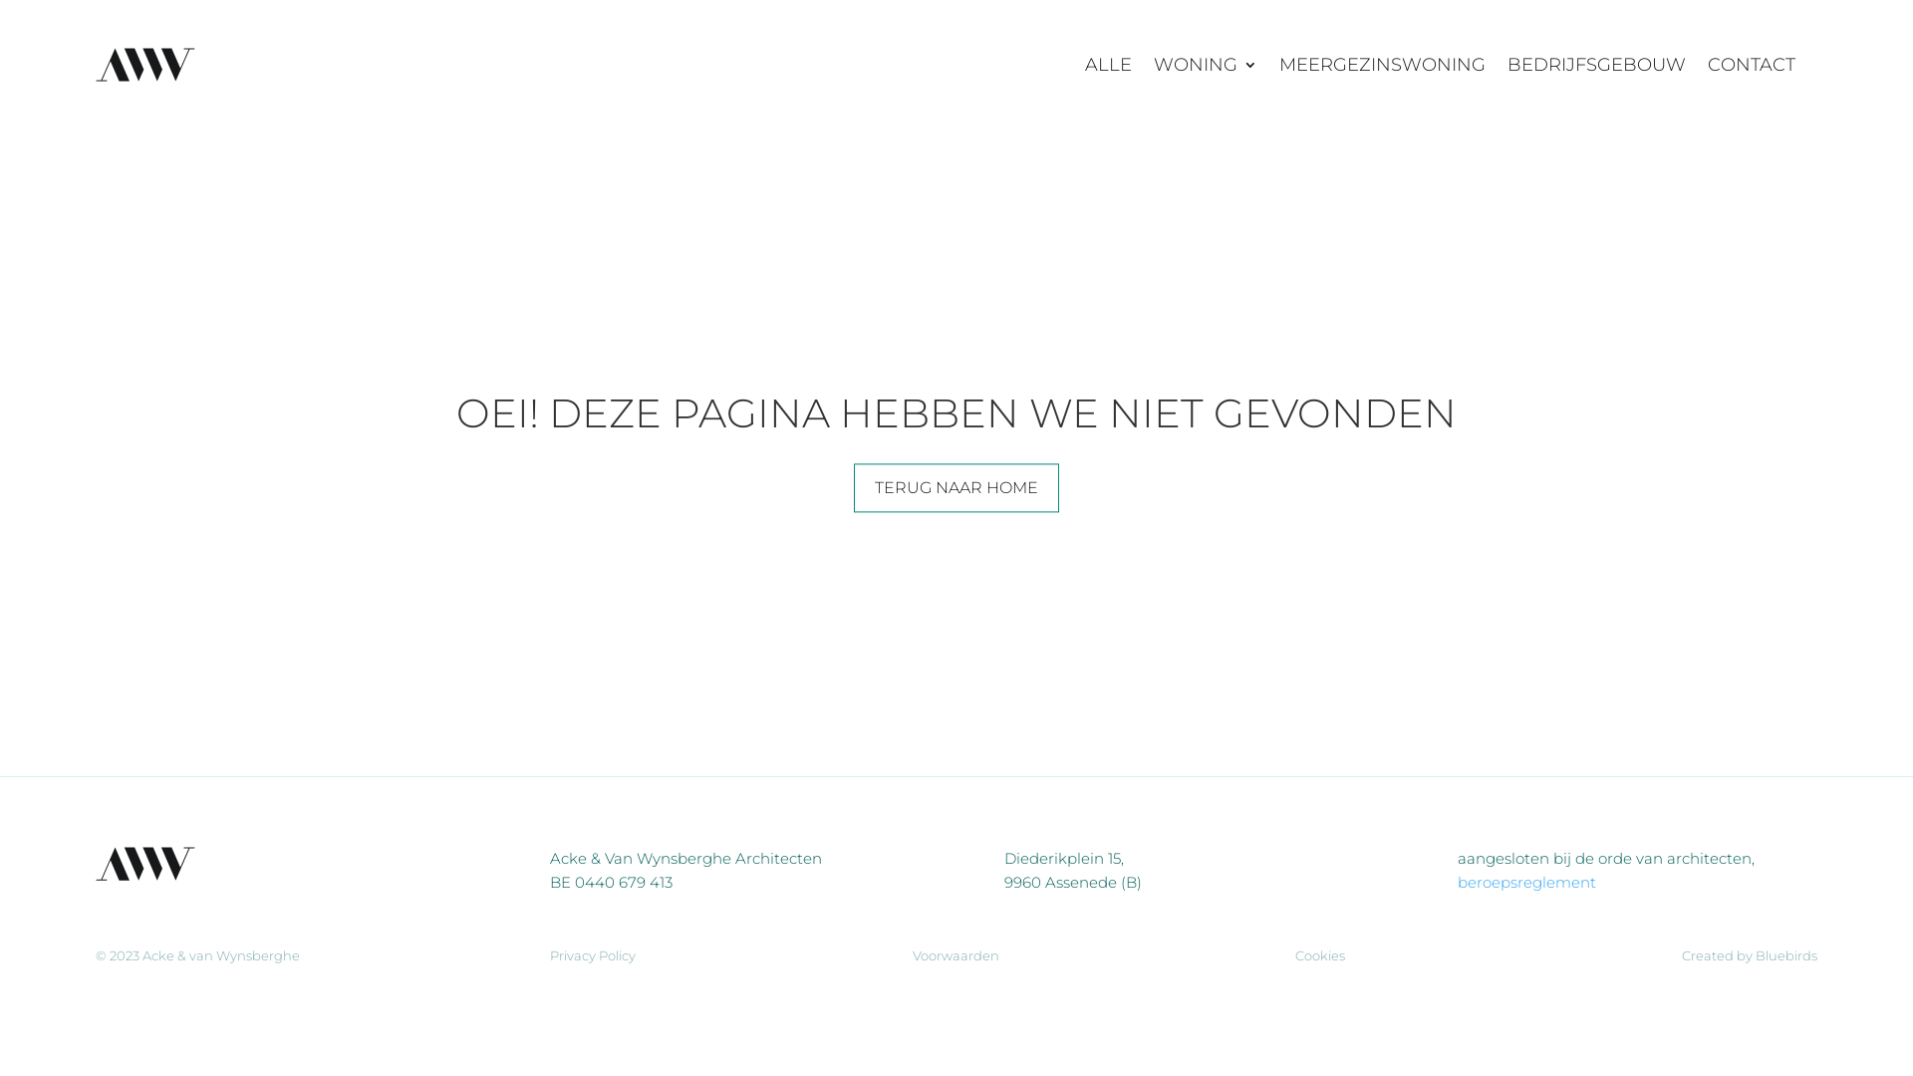  What do you see at coordinates (1506, 64) in the screenshot?
I see `'BEDRIJFSGEBOUW'` at bounding box center [1506, 64].